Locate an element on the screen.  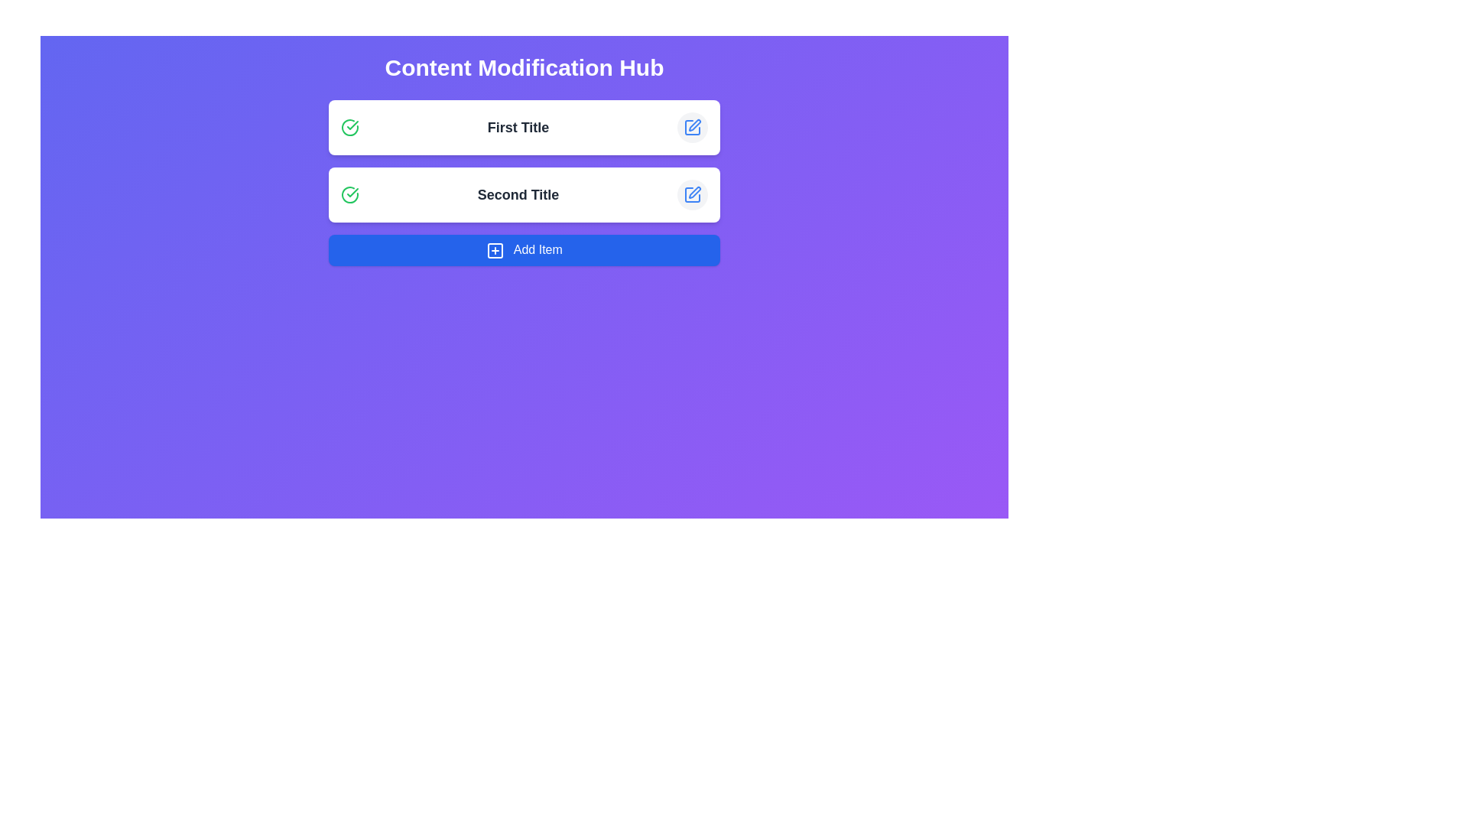
the blue 'Add Item' button with a plus sign icon is located at coordinates (525, 249).